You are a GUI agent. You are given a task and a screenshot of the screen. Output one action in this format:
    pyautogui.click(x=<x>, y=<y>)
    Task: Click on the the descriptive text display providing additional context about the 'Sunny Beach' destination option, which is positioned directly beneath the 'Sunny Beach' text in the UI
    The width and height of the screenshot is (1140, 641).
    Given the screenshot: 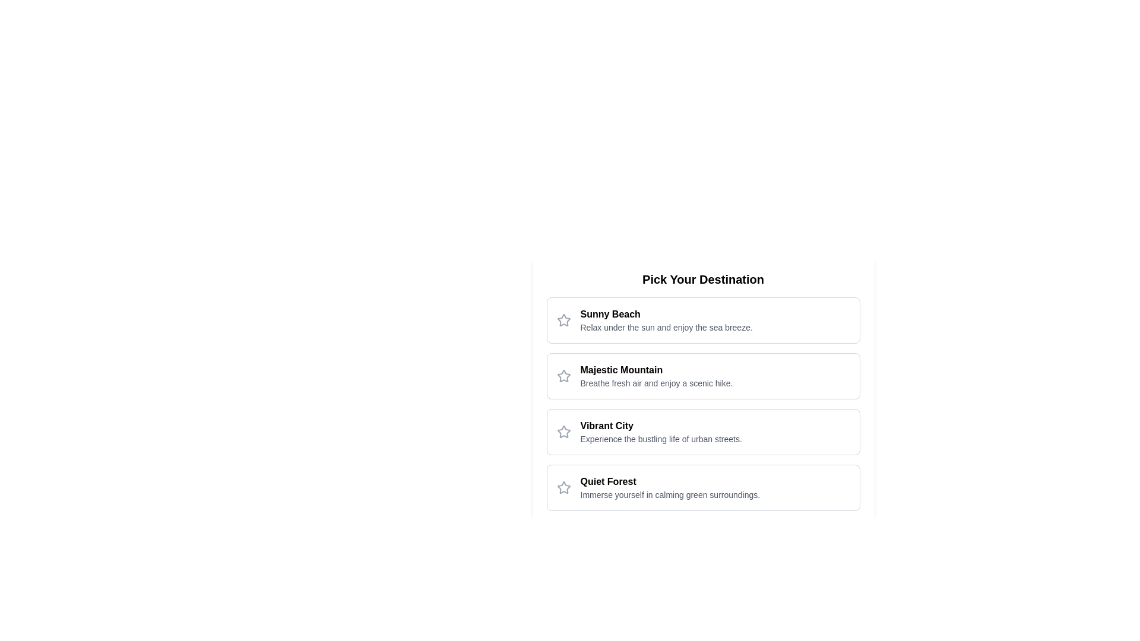 What is the action you would take?
    pyautogui.click(x=666, y=327)
    